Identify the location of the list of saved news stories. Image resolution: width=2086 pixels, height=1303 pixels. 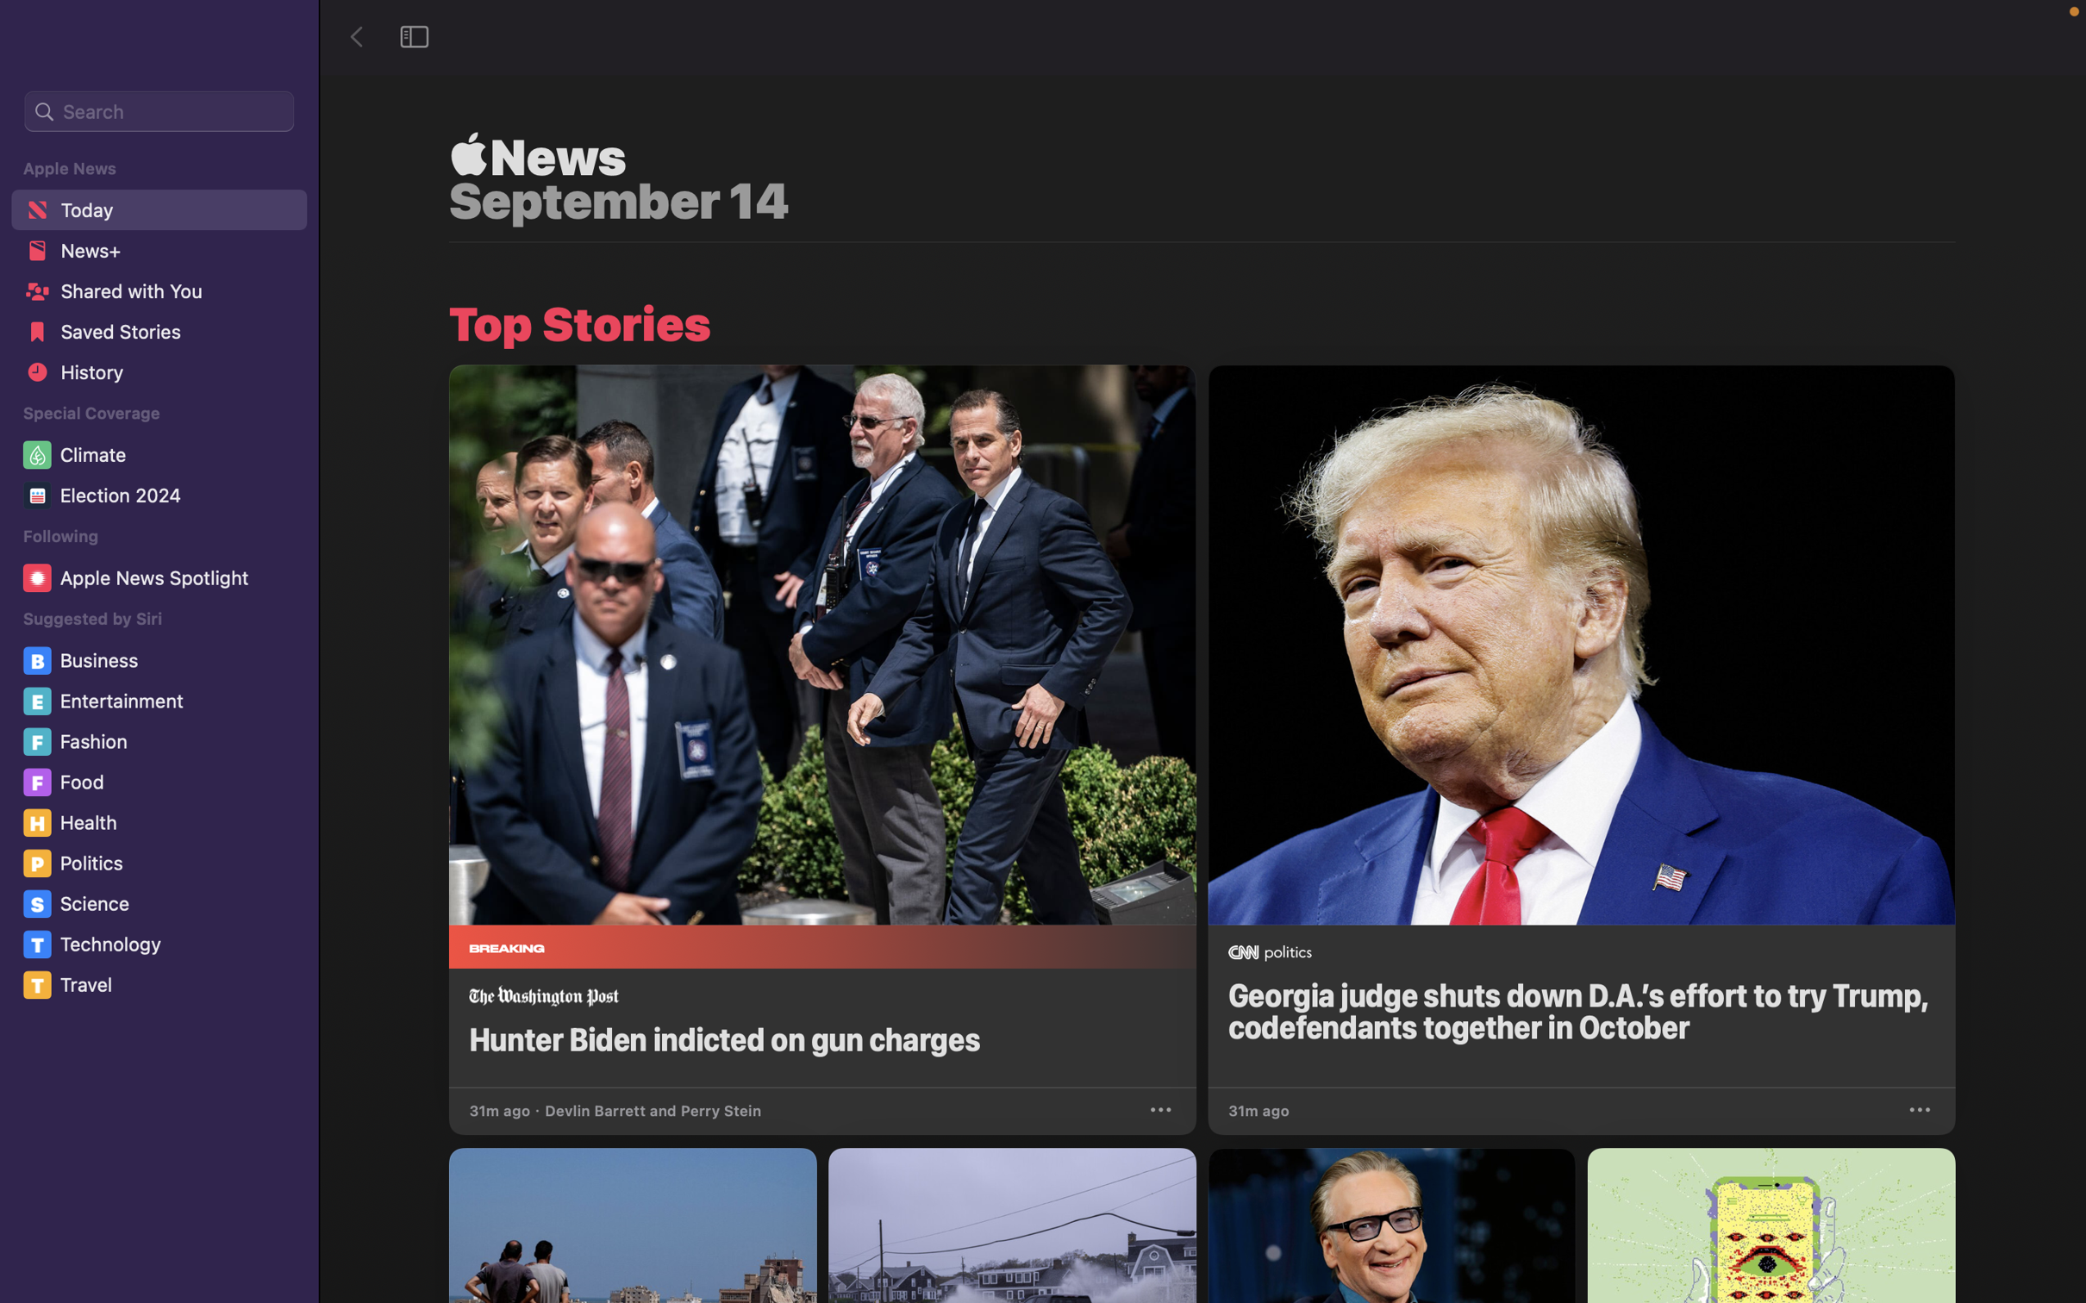
(157, 335).